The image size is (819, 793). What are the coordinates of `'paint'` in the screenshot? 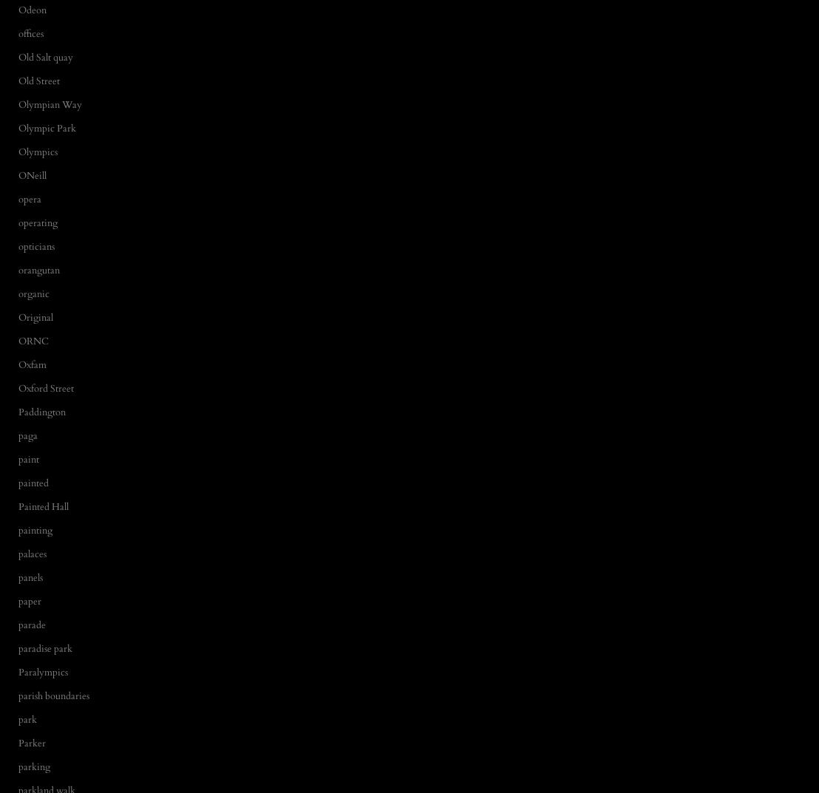 It's located at (29, 458).